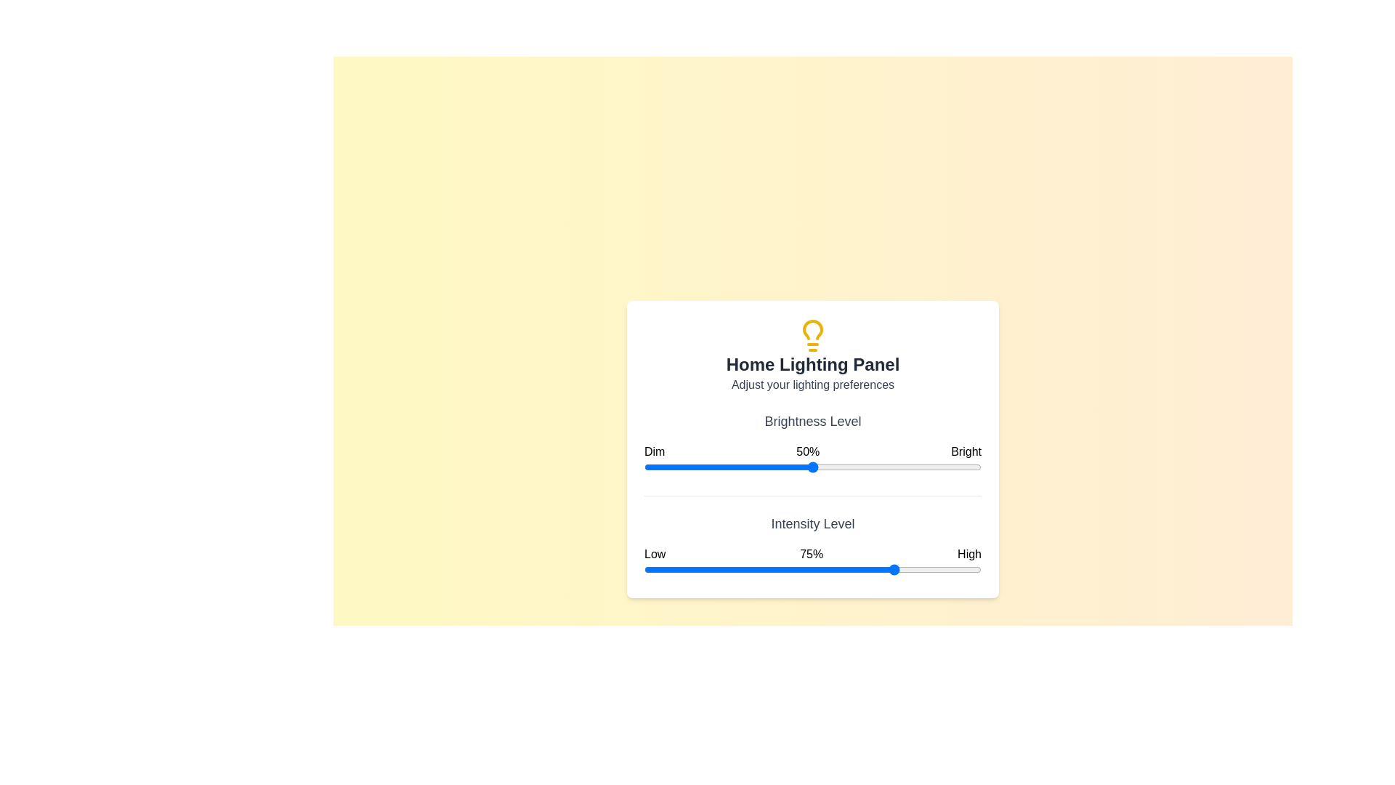 Image resolution: width=1395 pixels, height=785 pixels. What do you see at coordinates (653, 568) in the screenshot?
I see `the Intensity Level slider` at bounding box center [653, 568].